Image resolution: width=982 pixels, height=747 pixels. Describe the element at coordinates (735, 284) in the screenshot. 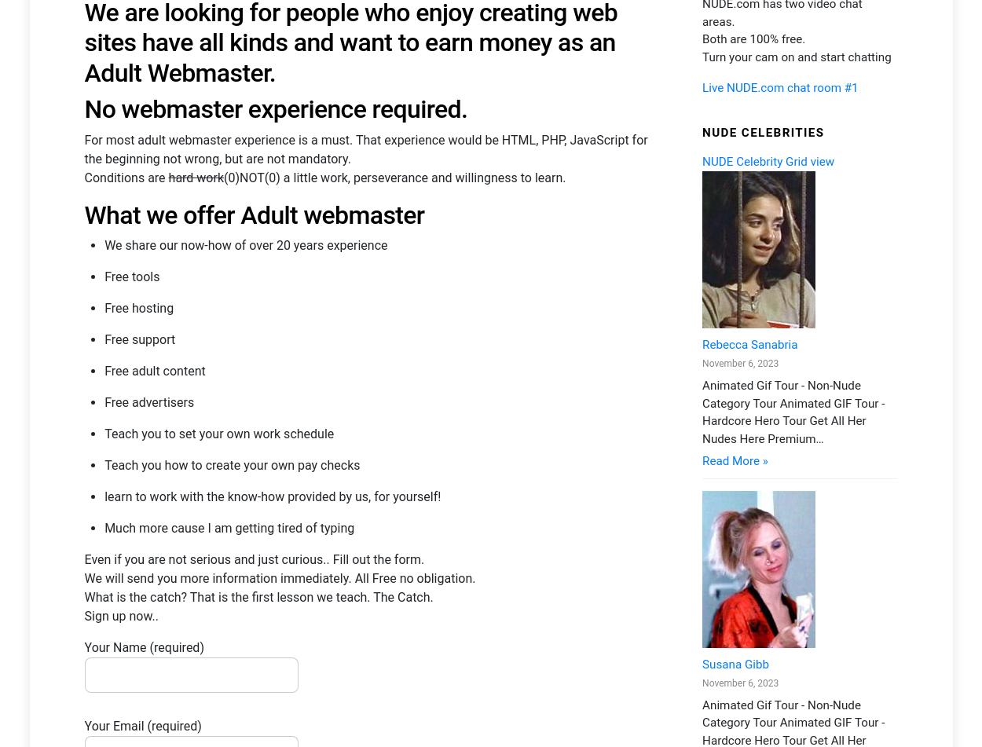

I see `'Read More »'` at that location.